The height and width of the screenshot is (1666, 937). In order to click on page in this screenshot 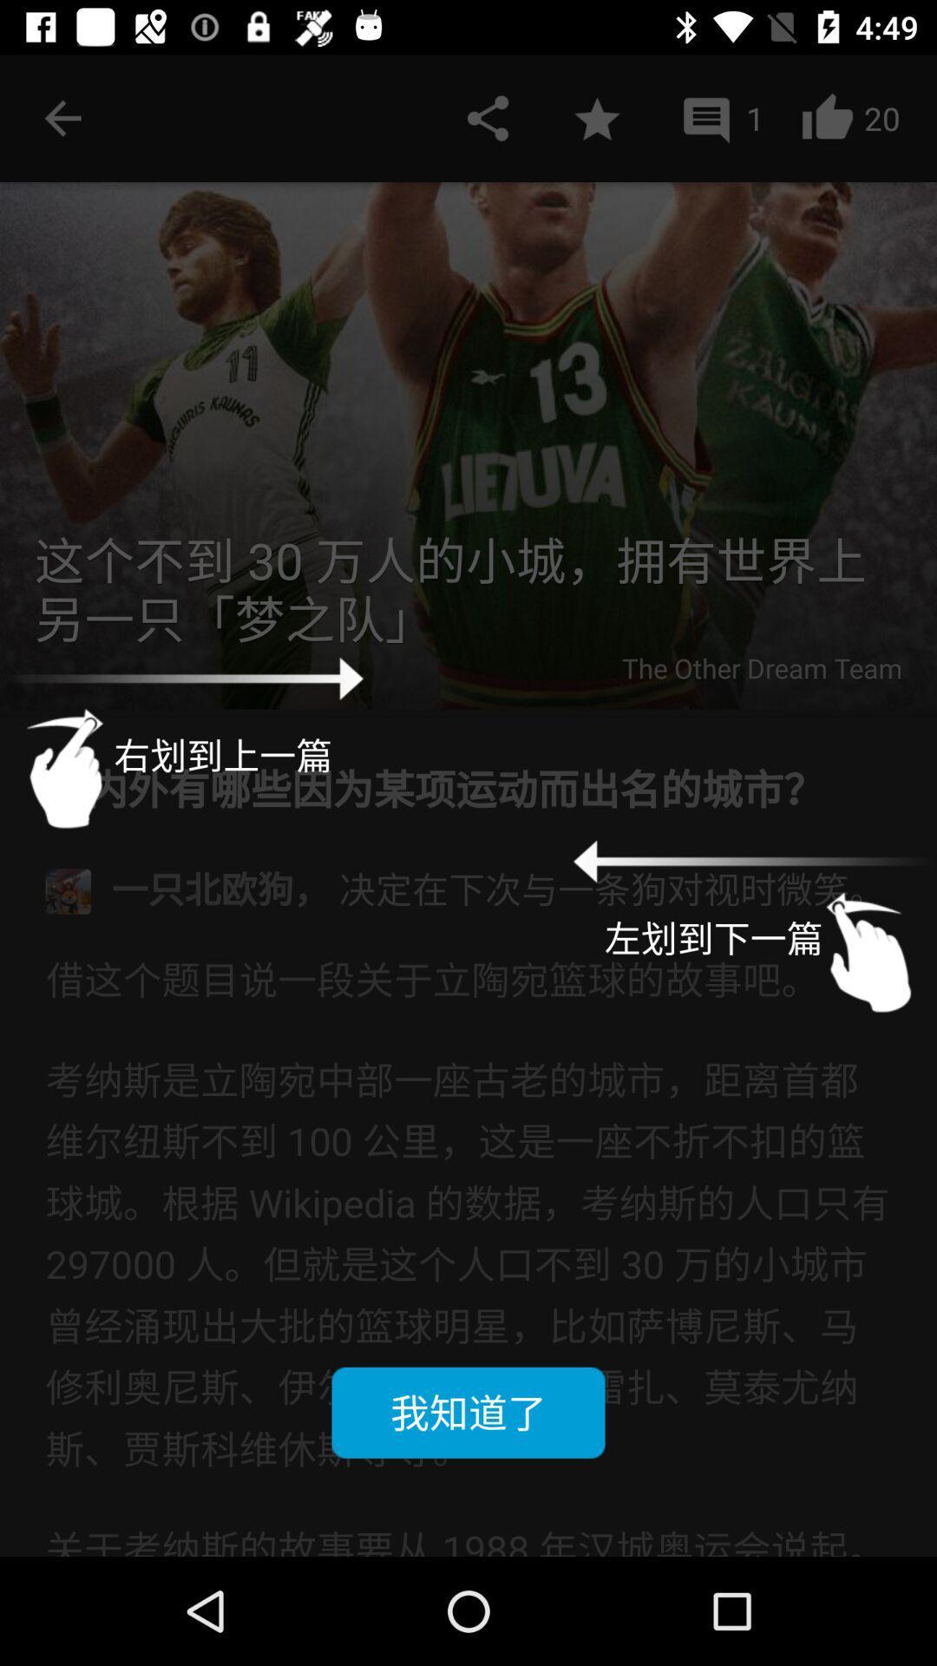, I will do `click(596, 117)`.